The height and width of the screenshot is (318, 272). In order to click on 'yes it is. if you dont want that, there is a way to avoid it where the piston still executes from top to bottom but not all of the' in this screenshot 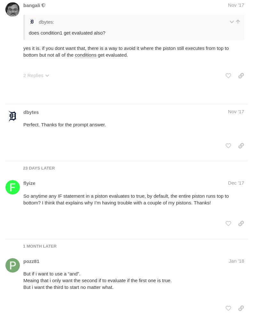, I will do `click(126, 51)`.